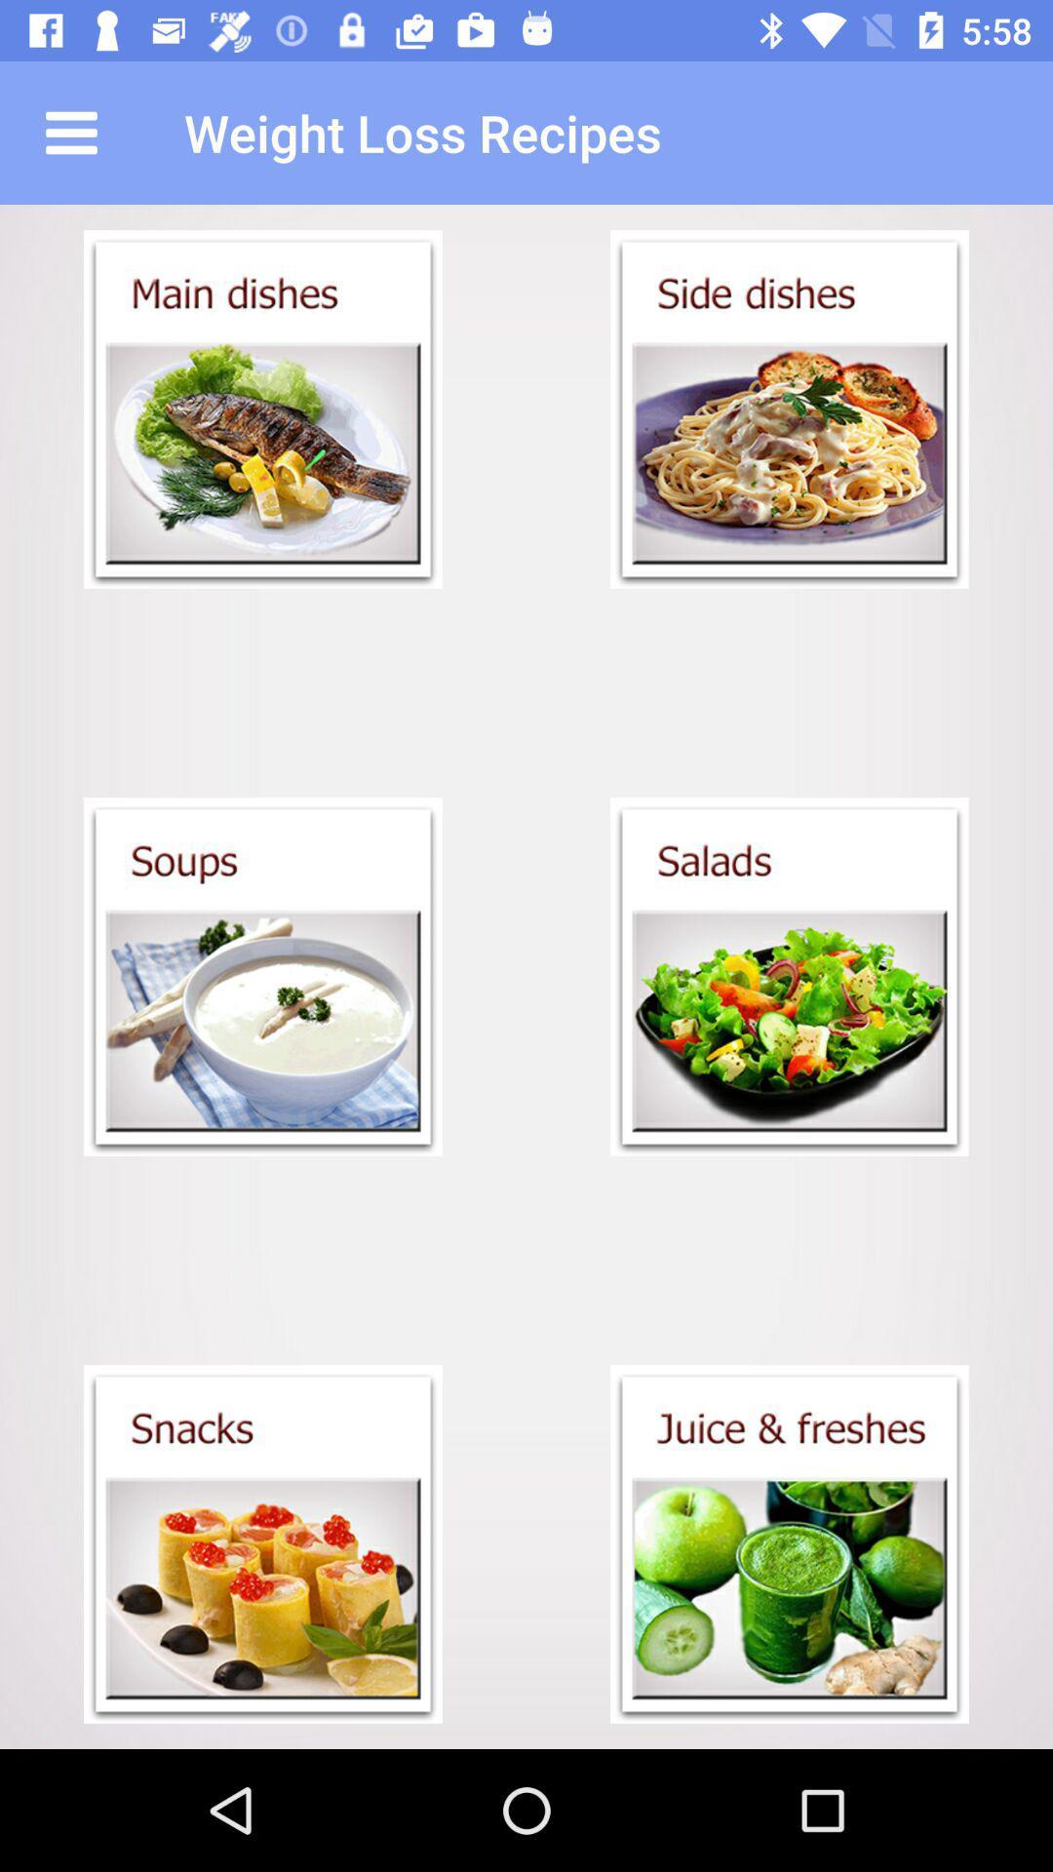  What do you see at coordinates (263, 1543) in the screenshot?
I see `see snacks category` at bounding box center [263, 1543].